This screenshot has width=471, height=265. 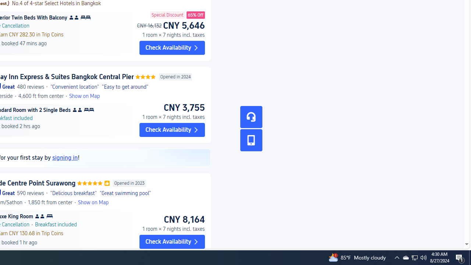 What do you see at coordinates (251, 140) in the screenshot?
I see `'App'` at bounding box center [251, 140].